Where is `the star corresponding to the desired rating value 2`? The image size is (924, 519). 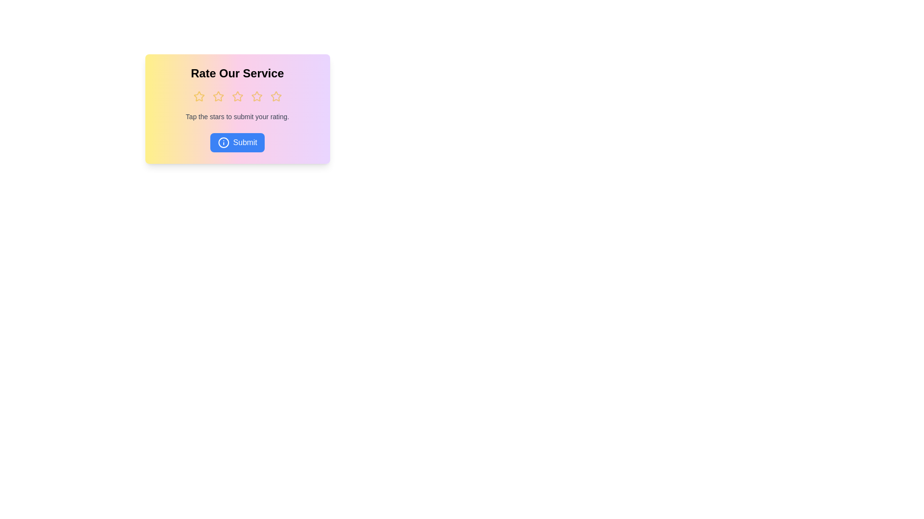 the star corresponding to the desired rating value 2 is located at coordinates (218, 96).